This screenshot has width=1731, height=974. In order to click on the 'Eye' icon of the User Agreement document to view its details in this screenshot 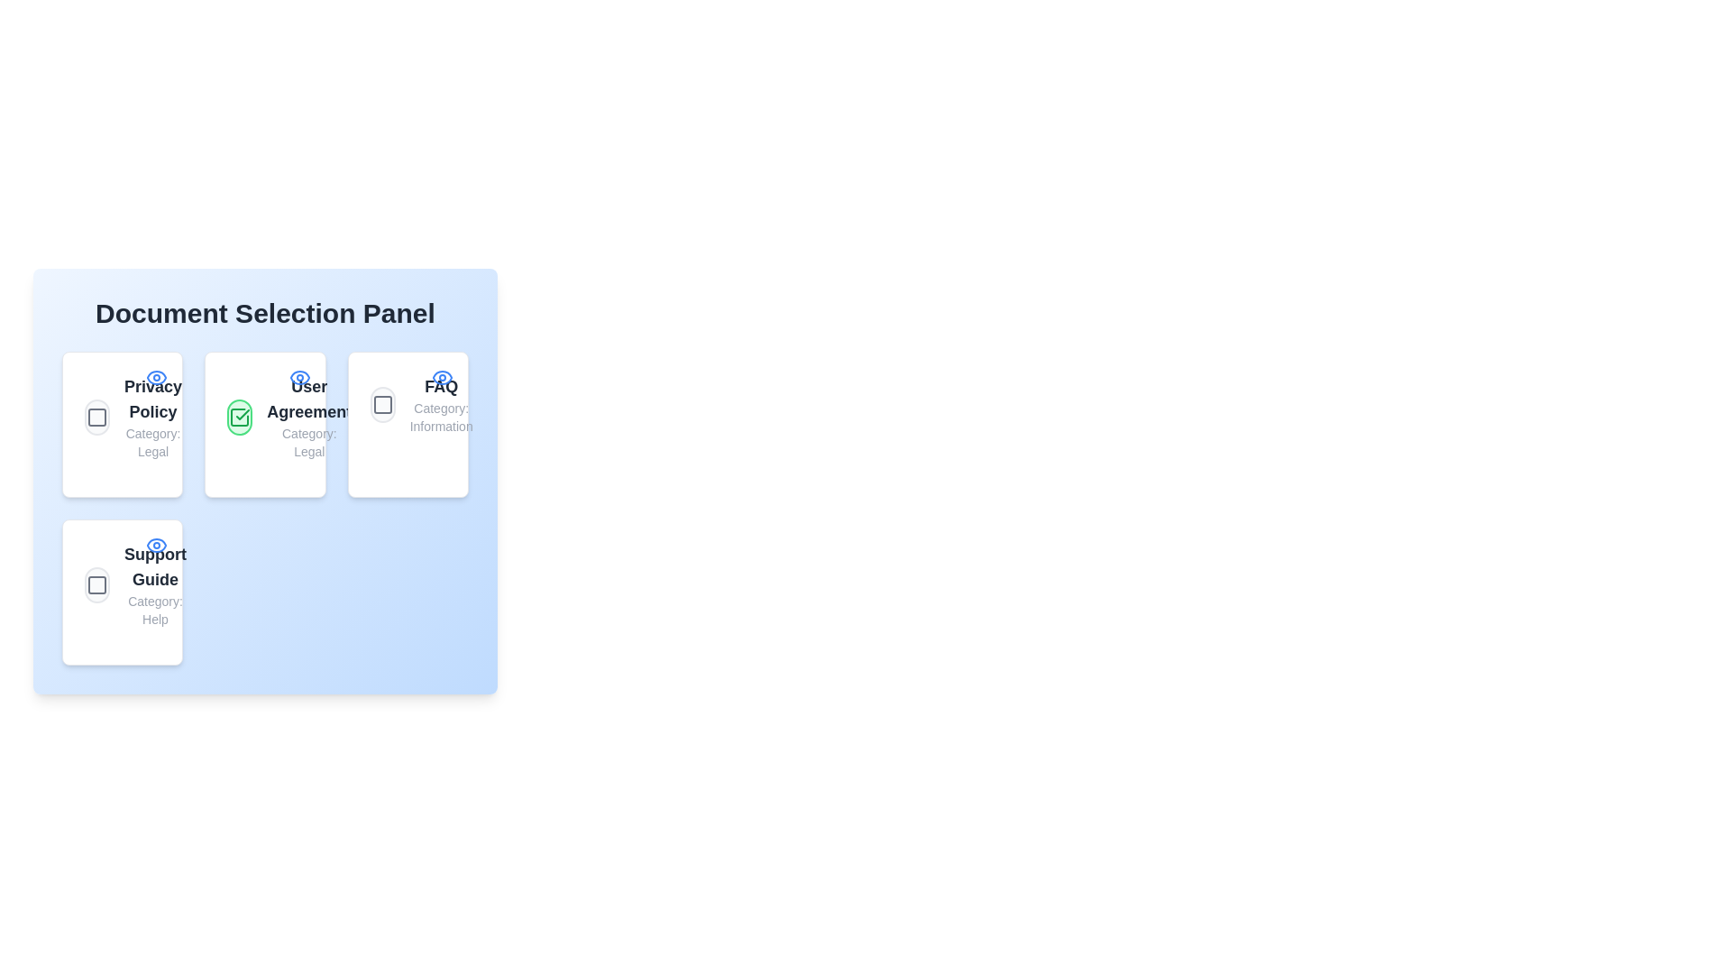, I will do `click(298, 377)`.